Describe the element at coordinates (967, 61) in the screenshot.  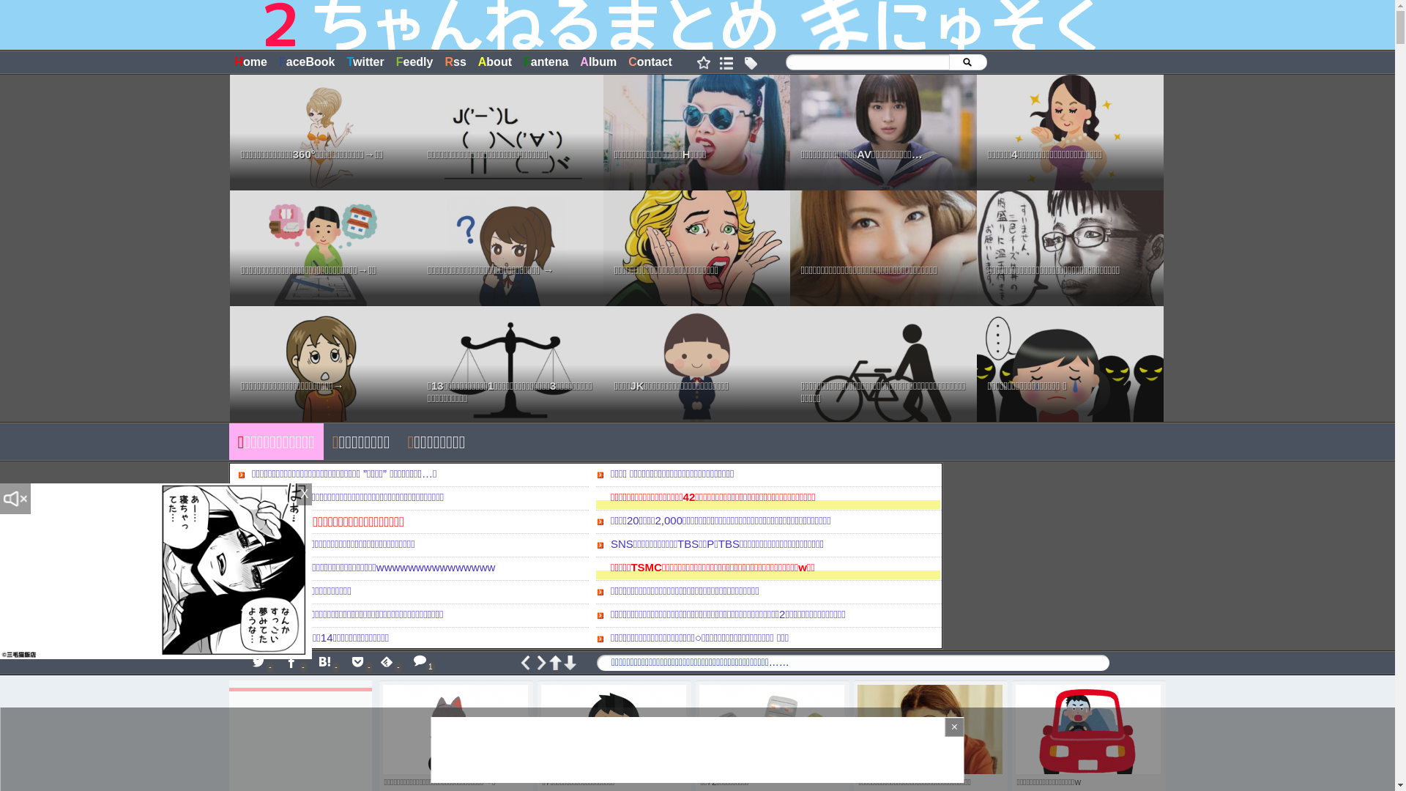
I see `'Search'` at that location.